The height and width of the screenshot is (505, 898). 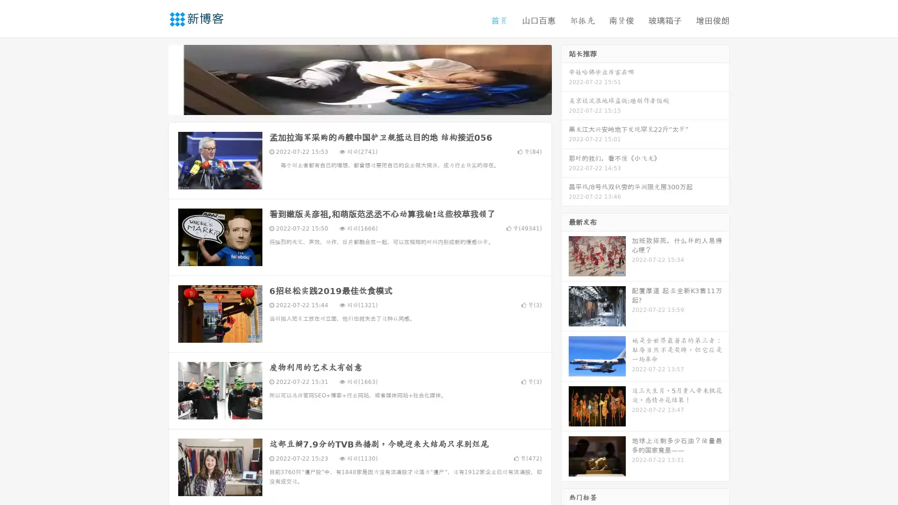 I want to click on Next slide, so click(x=565, y=79).